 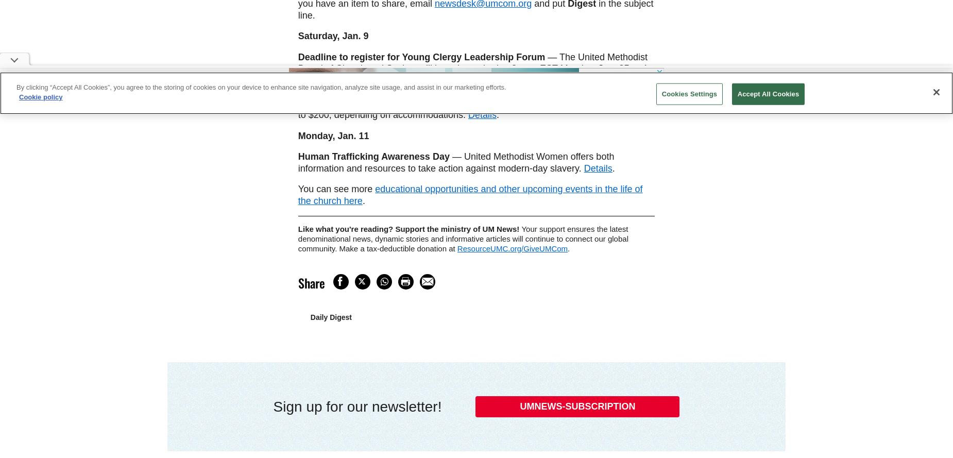 What do you see at coordinates (311, 282) in the screenshot?
I see `'Share'` at bounding box center [311, 282].